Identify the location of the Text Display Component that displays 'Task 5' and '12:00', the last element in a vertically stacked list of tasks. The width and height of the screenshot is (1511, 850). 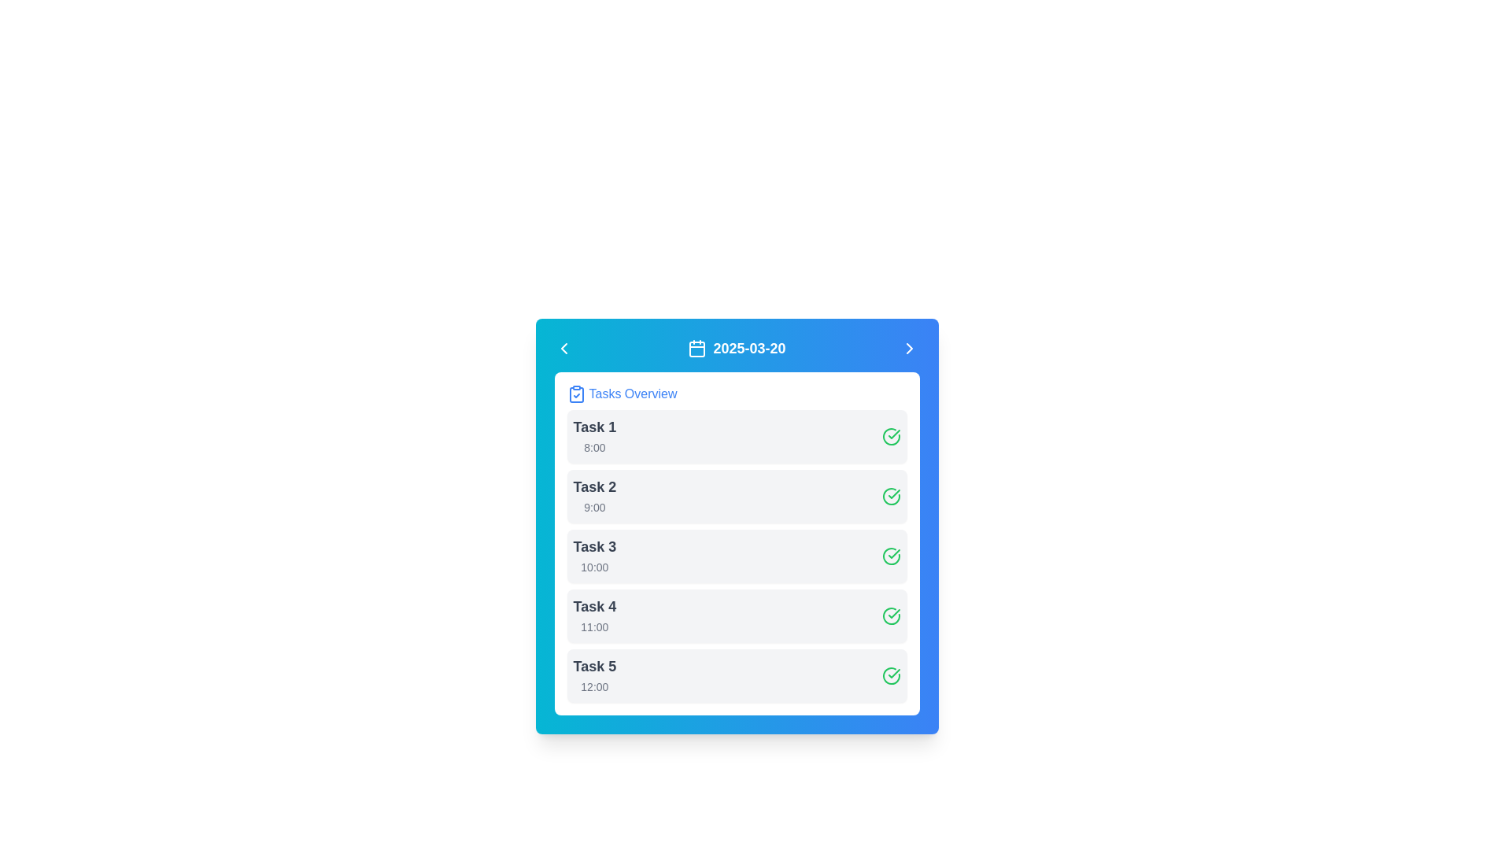
(593, 675).